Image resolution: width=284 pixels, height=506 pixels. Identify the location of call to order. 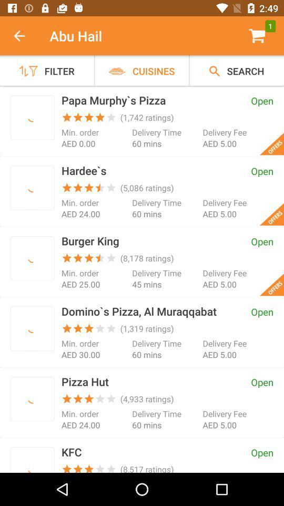
(32, 118).